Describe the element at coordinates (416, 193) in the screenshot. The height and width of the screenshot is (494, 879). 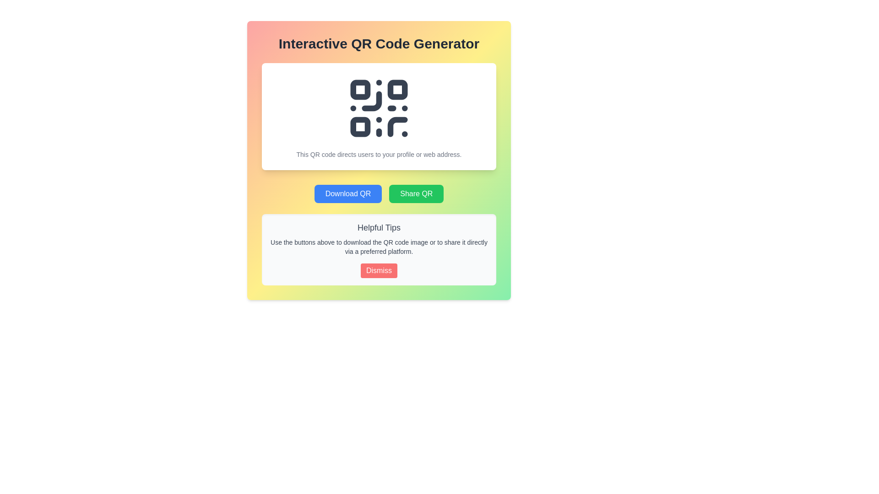
I see `the share button located to the right of the blue 'Download QR' button in the 'Interactive QR Code Generator' interface` at that location.